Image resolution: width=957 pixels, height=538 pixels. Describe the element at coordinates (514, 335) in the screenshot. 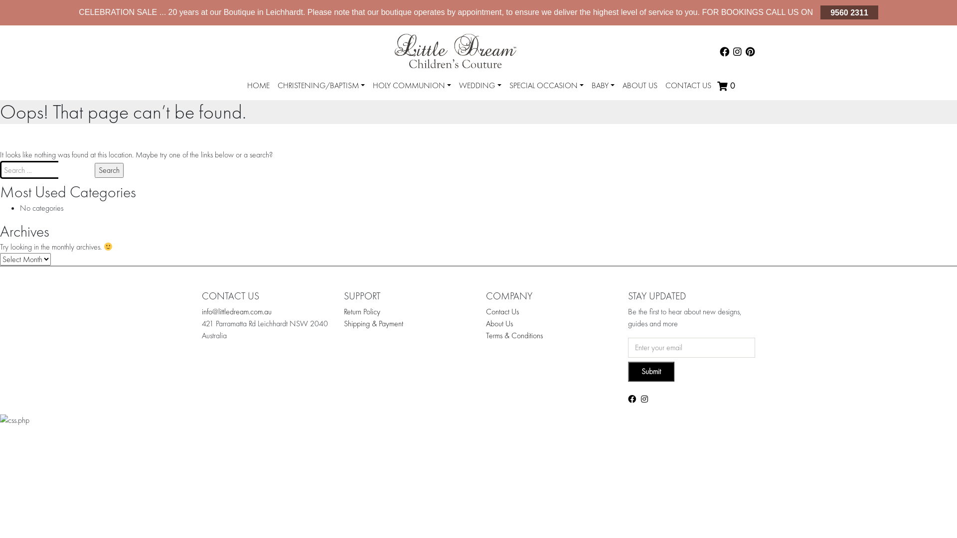

I see `'Terms & Conditions'` at that location.